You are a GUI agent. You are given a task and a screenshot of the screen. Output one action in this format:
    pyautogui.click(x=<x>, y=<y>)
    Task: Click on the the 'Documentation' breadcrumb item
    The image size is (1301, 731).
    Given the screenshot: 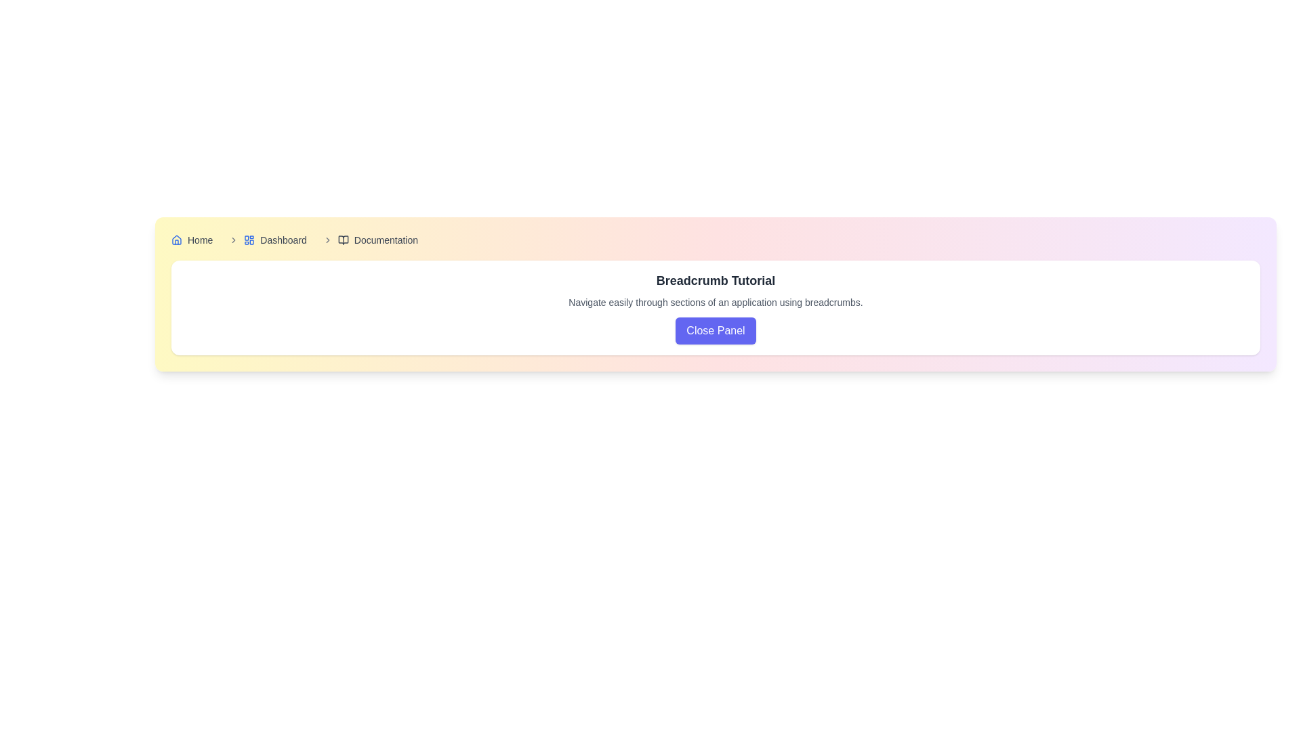 What is the action you would take?
    pyautogui.click(x=367, y=239)
    